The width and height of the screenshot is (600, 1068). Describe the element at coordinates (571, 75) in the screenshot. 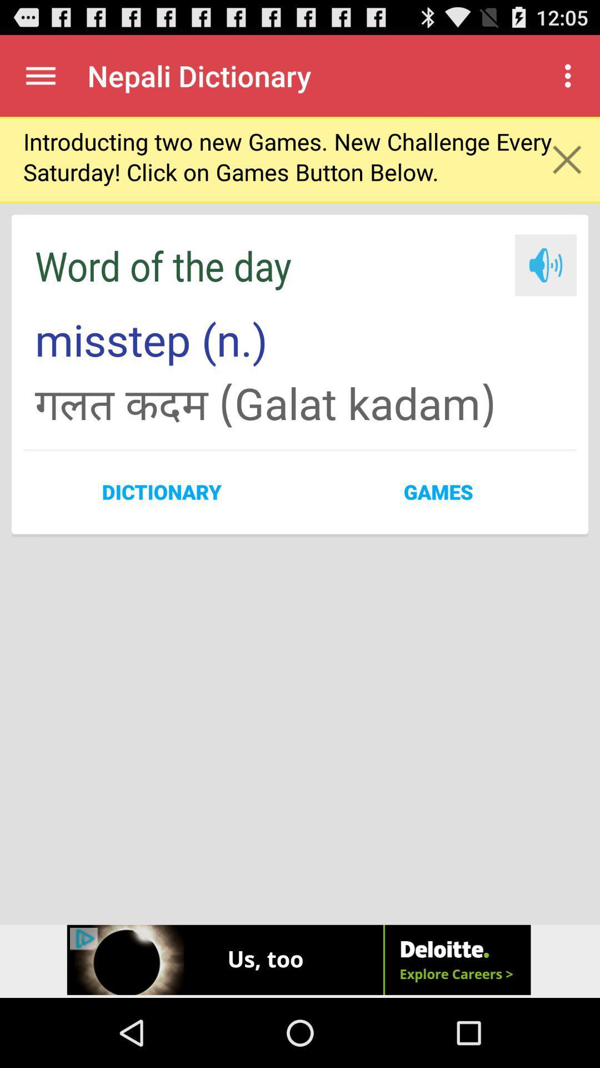

I see `the app next to the nepali dictionary app` at that location.